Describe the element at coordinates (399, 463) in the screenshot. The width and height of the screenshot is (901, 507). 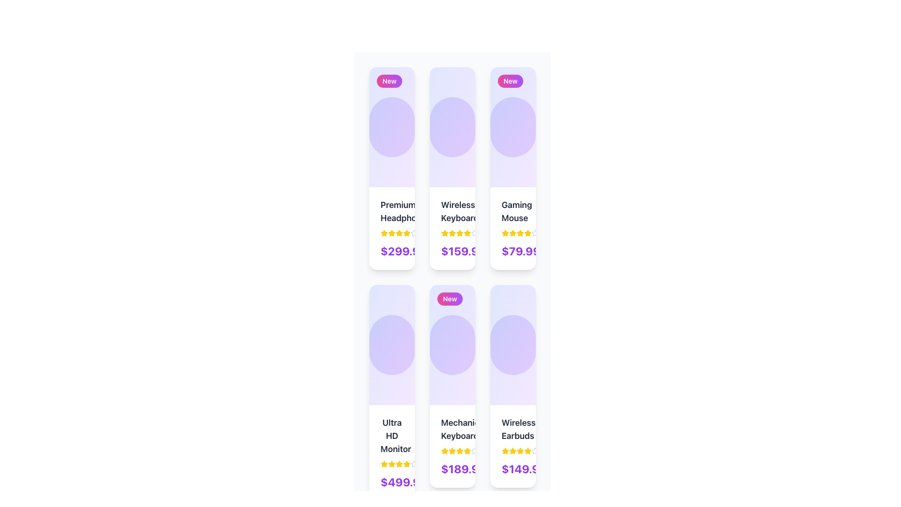
I see `the fourth star icon in the five-star rating row` at that location.